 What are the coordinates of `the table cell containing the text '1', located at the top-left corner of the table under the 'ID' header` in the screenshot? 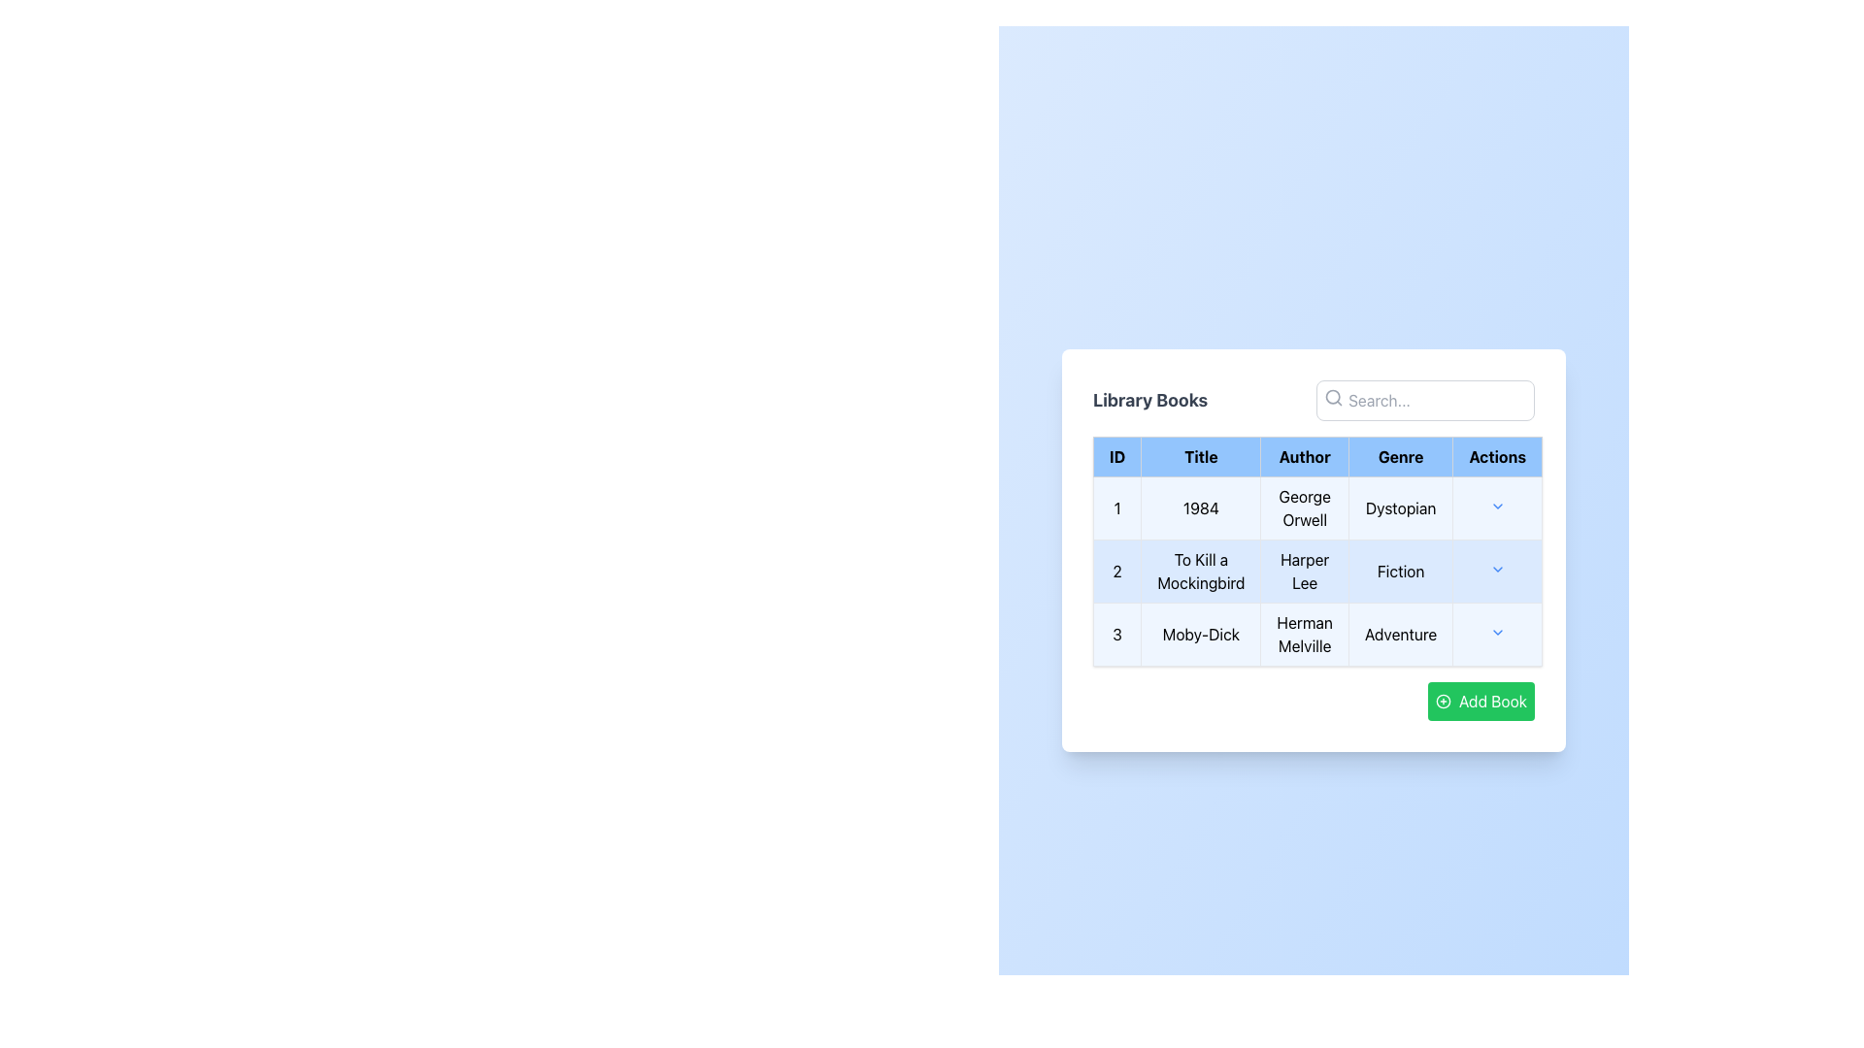 It's located at (1117, 507).